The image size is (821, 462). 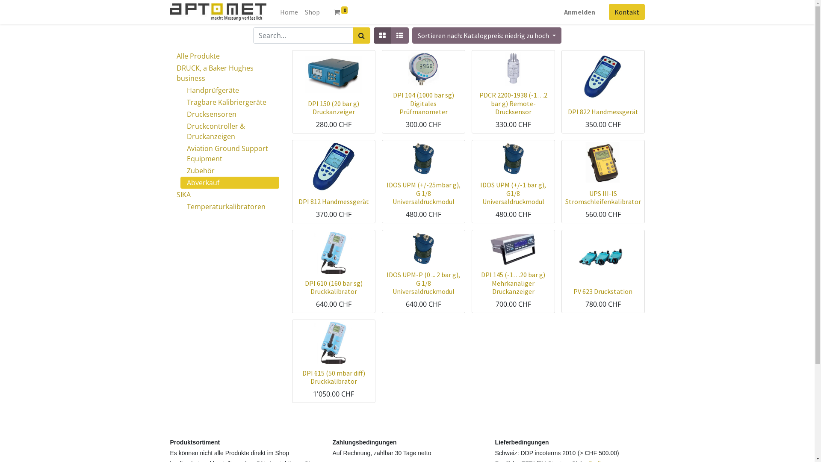 I want to click on 'PV 623 Druckstation', so click(x=573, y=291).